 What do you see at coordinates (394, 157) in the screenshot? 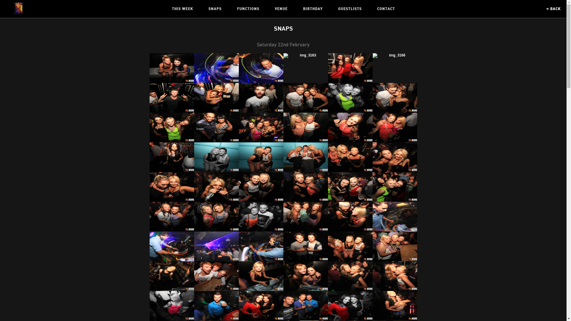
I see `' '` at bounding box center [394, 157].